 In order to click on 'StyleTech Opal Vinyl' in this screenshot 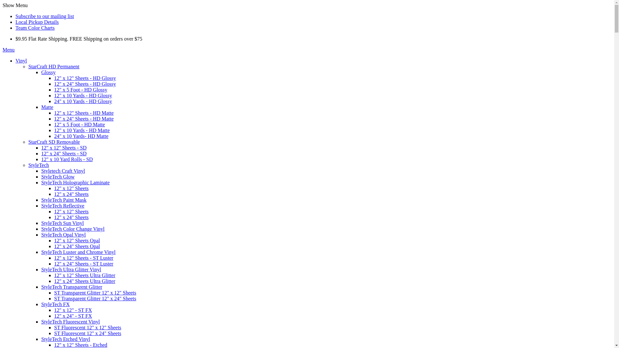, I will do `click(41, 235)`.